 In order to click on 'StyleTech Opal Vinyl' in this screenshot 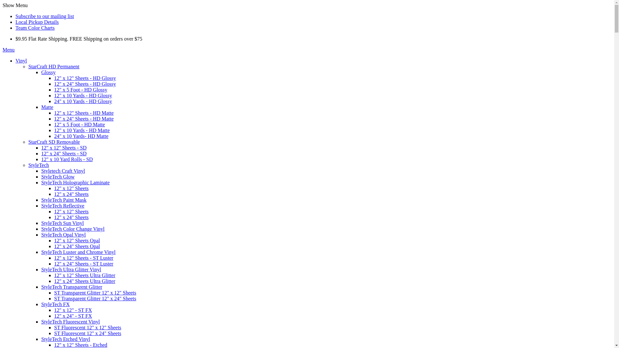, I will do `click(41, 235)`.